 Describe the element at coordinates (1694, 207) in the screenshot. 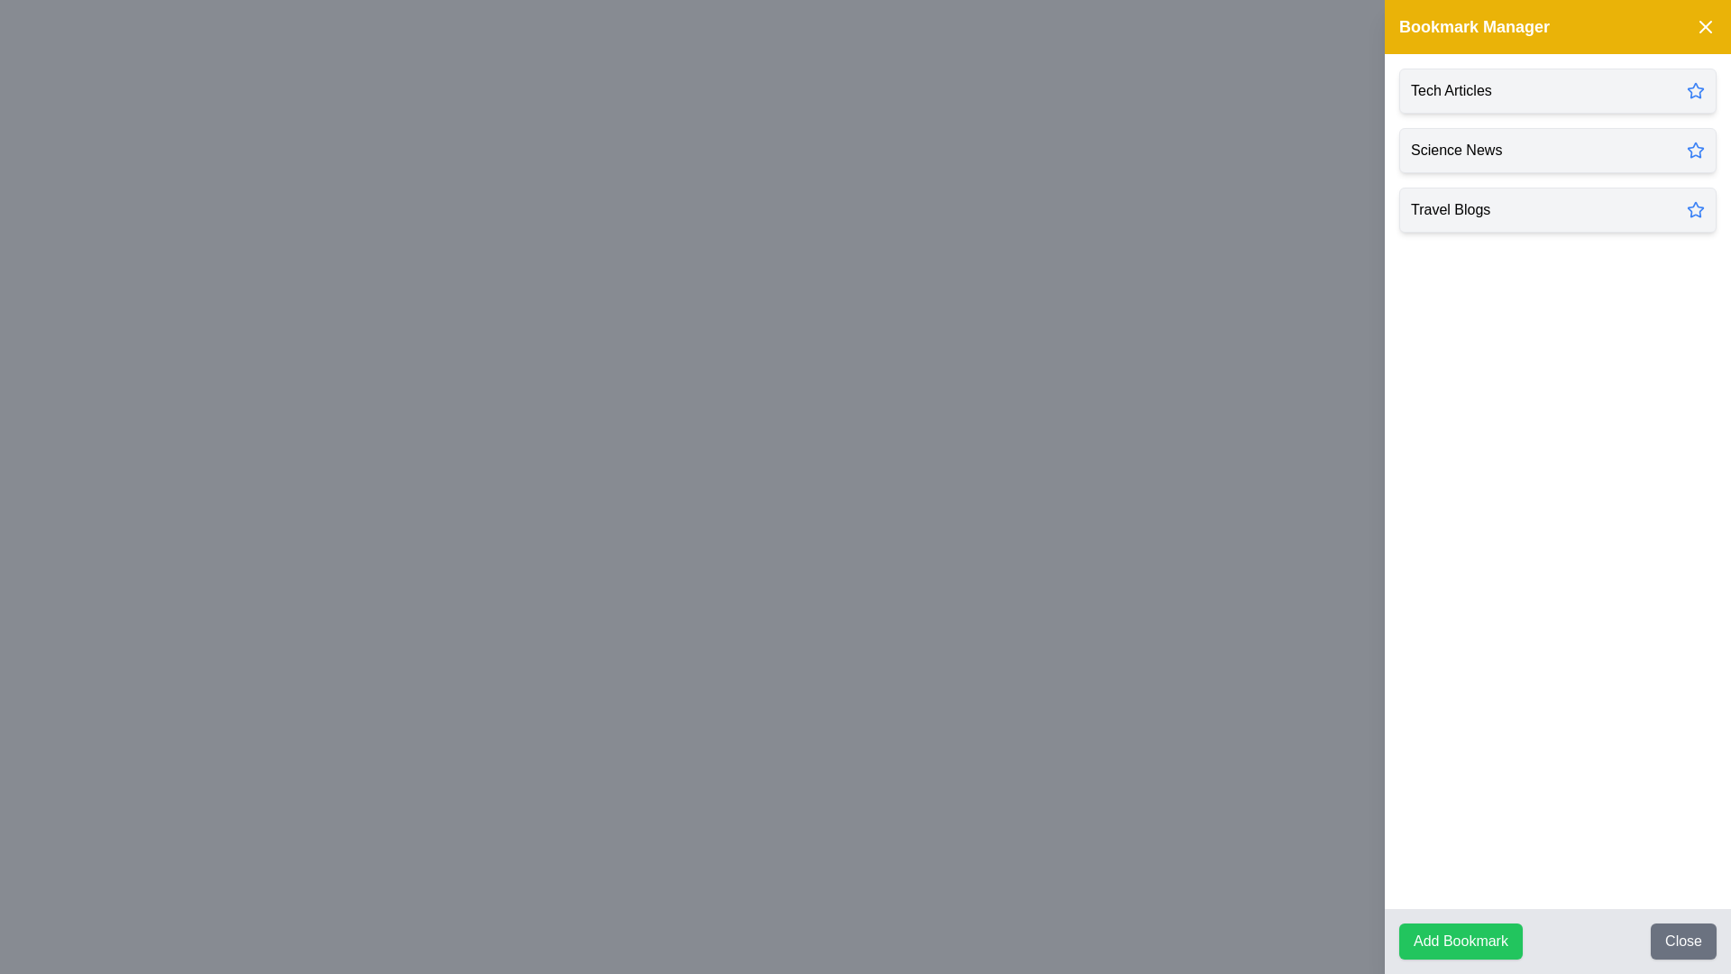

I see `the star-shaped icon with a blue border located to the right of the 'Travel Blogs' text in the Bookmark Manager section` at that location.